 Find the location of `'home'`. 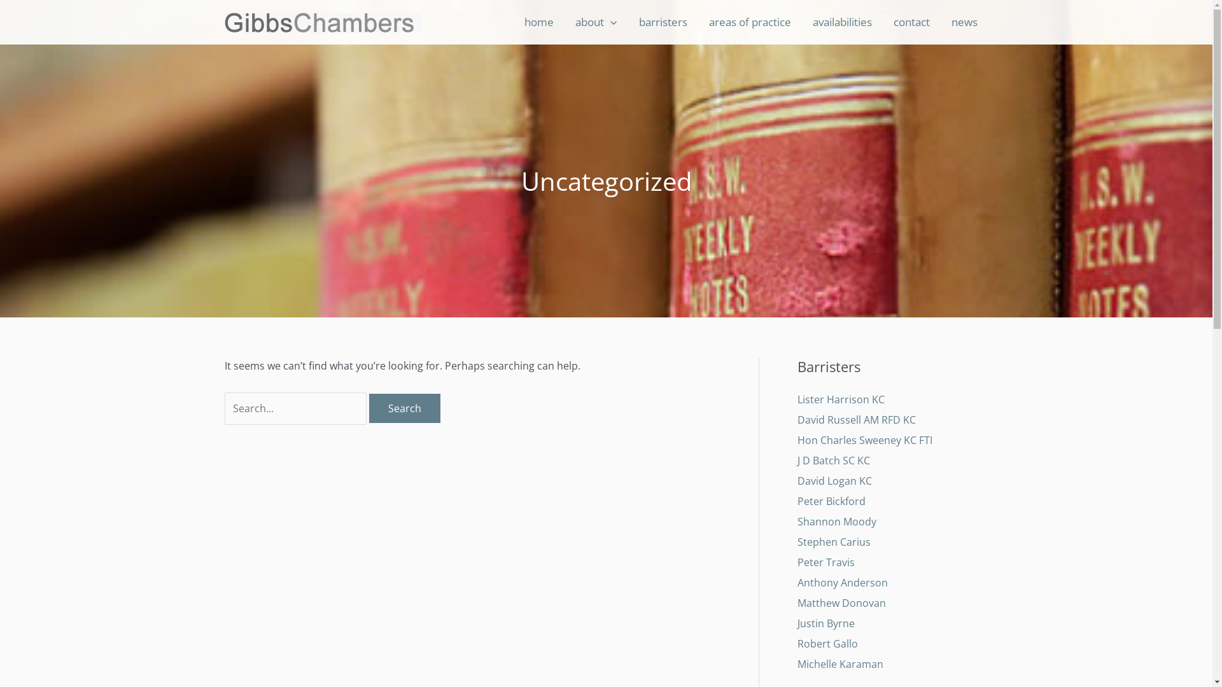

'home' is located at coordinates (538, 22).